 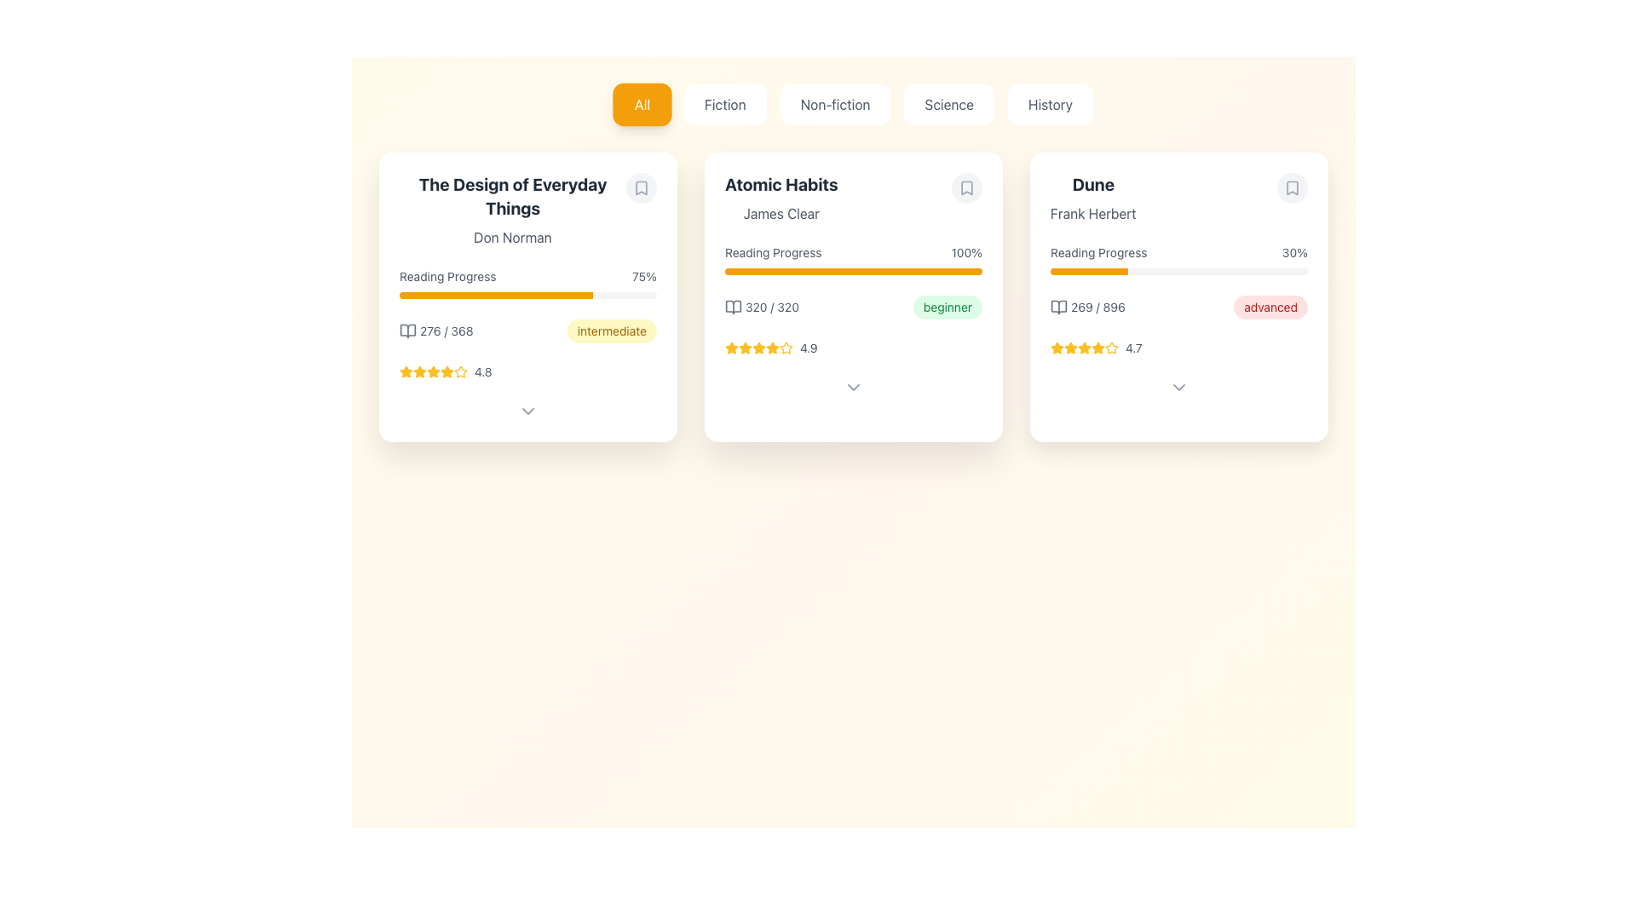 What do you see at coordinates (1086, 308) in the screenshot?
I see `accompanying book icon located within the 'Dune' card, specifically below the reading progress bar and to the left of the 'advanced' label` at bounding box center [1086, 308].